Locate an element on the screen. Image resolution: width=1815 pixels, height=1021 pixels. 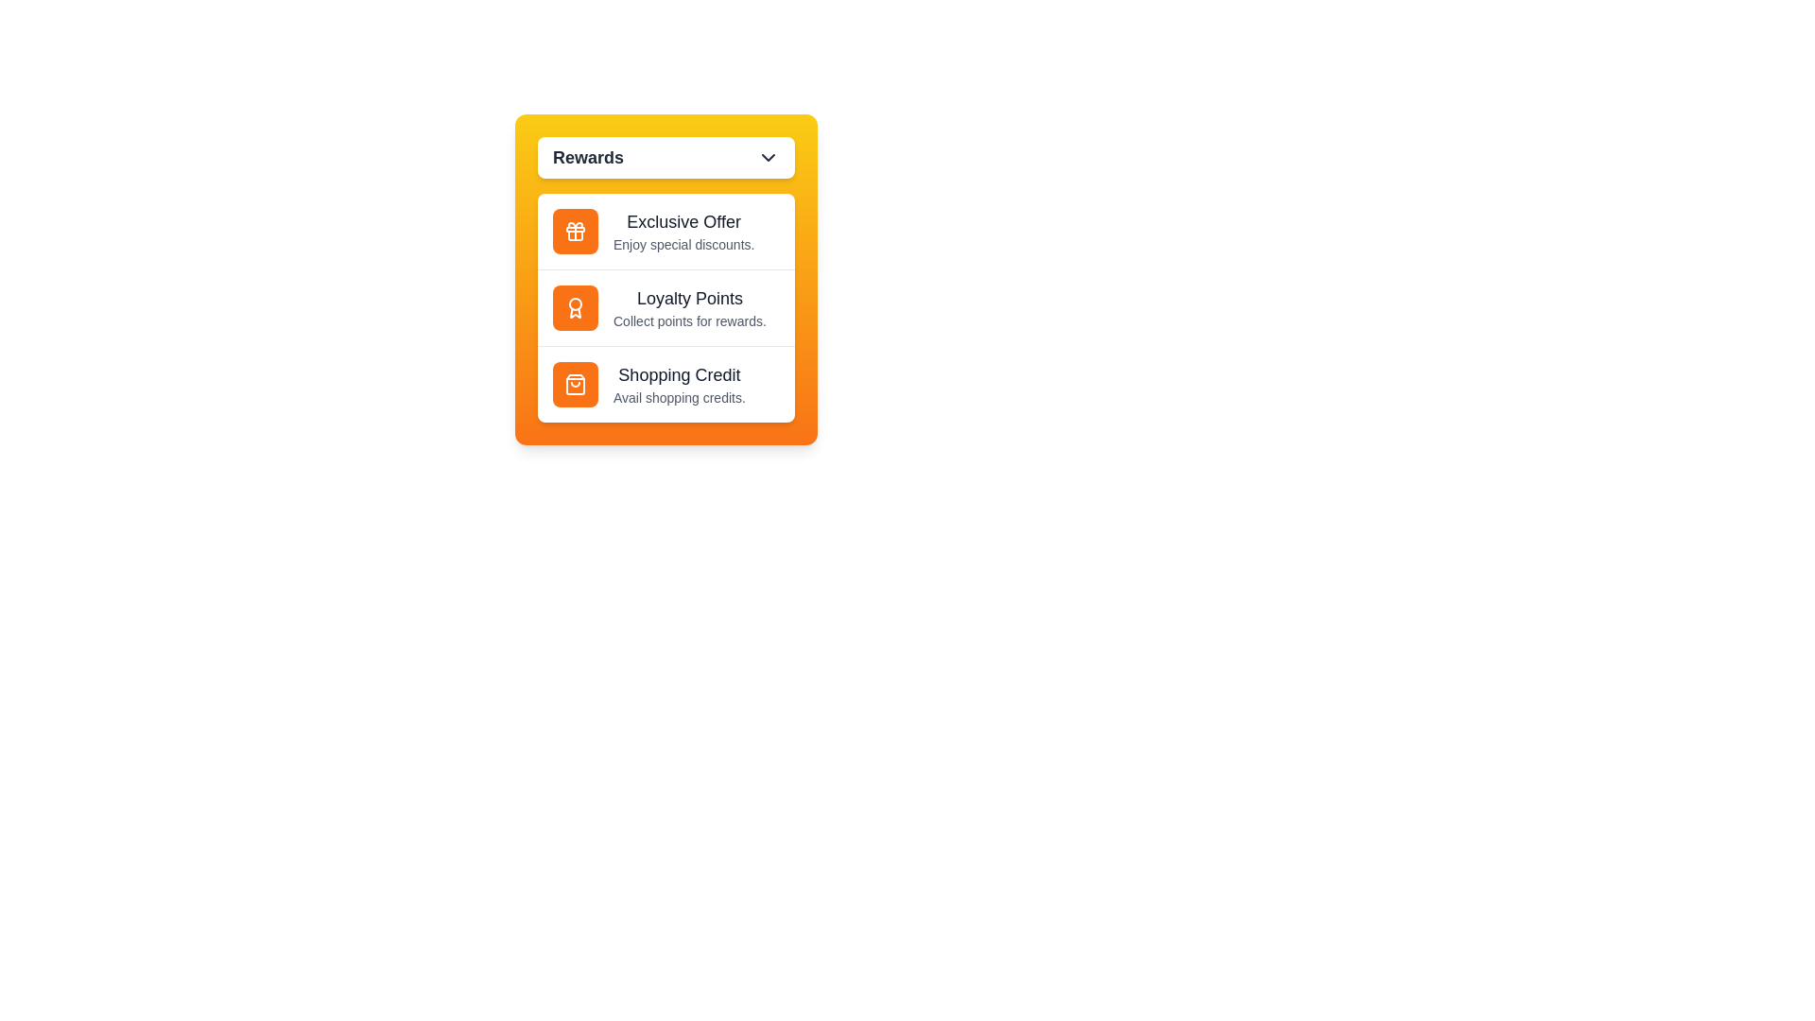
the graphical detail of the shopping bag icon, outlined in orange, located at the bottom-most icon region of the reward categories is located at coordinates (575, 384).